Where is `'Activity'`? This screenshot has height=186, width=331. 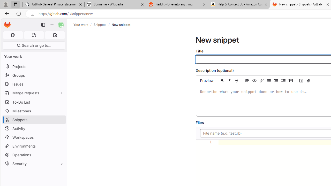
'Activity' is located at coordinates (34, 128).